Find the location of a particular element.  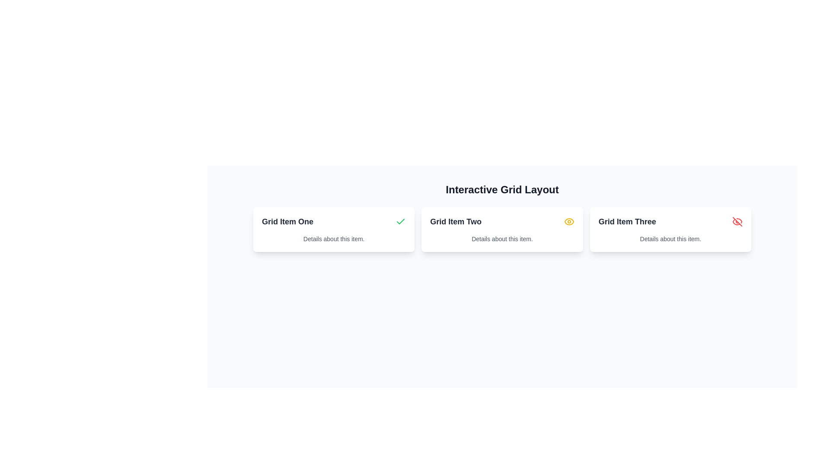

the hidden or disabled status represented by the icon located at the top-right corner of the grid card labeled 'Grid Item Three' is located at coordinates (737, 221).